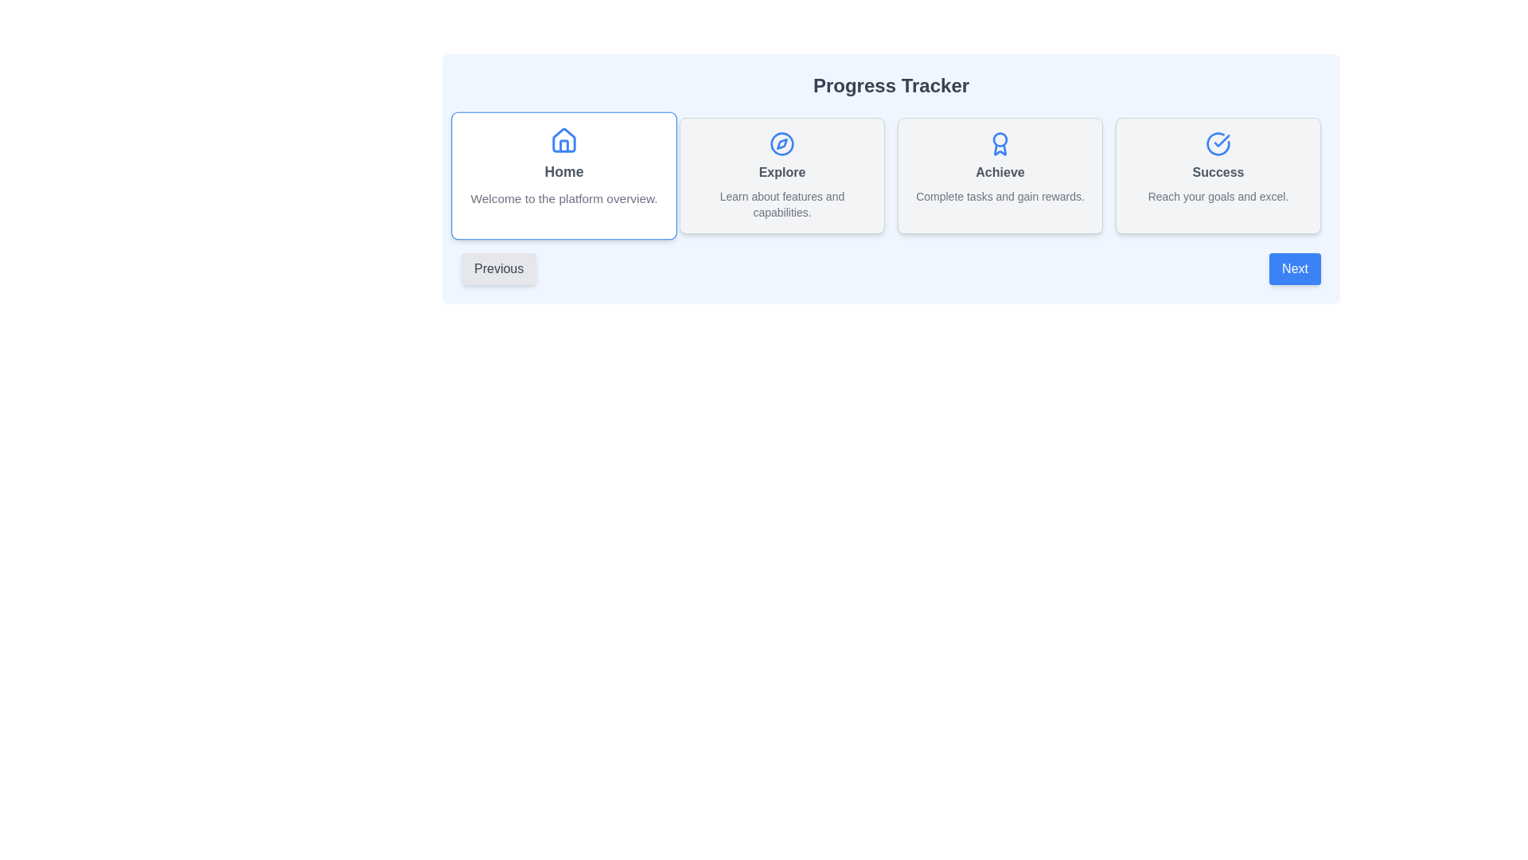  I want to click on the Text Label that serves as the title of the achievement section card, so click(1000, 172).